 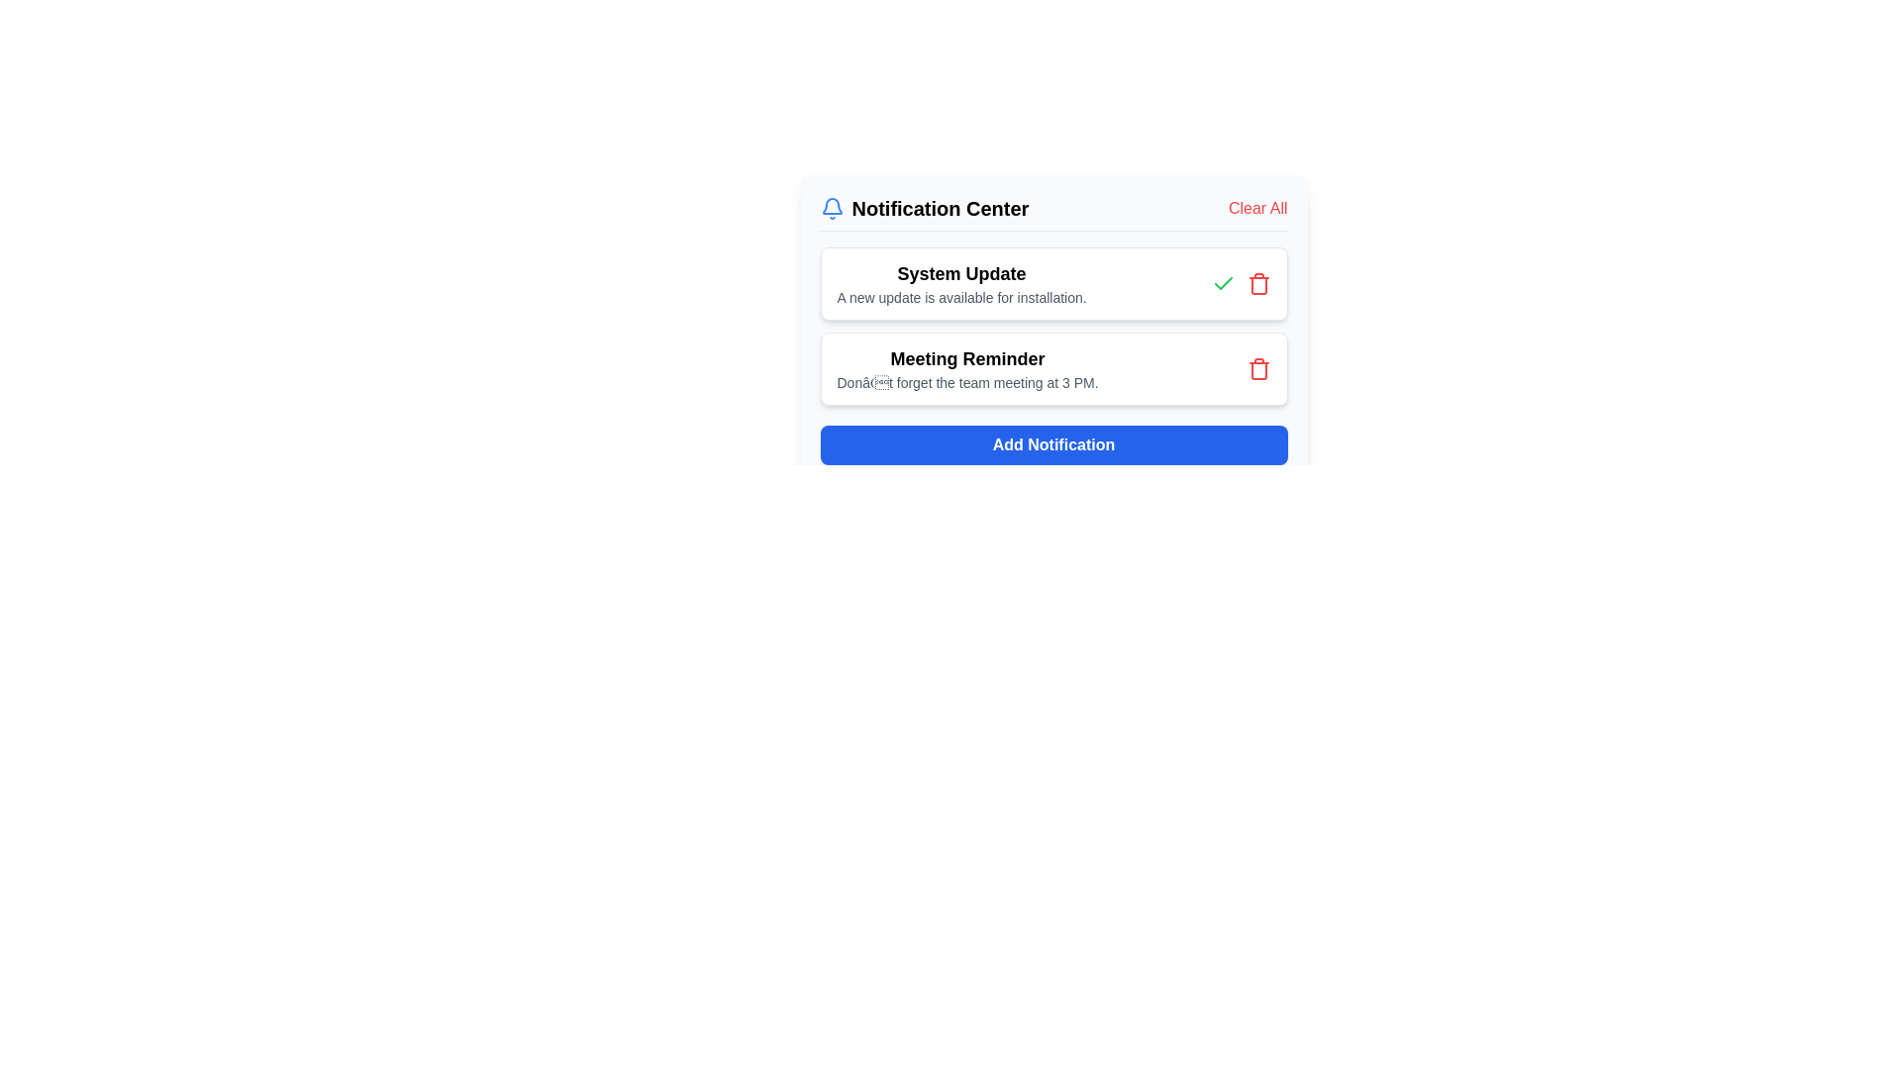 I want to click on the button labeled 'Add Notification' located at the bottom of the 'Notification Center' interface, so click(x=1052, y=445).